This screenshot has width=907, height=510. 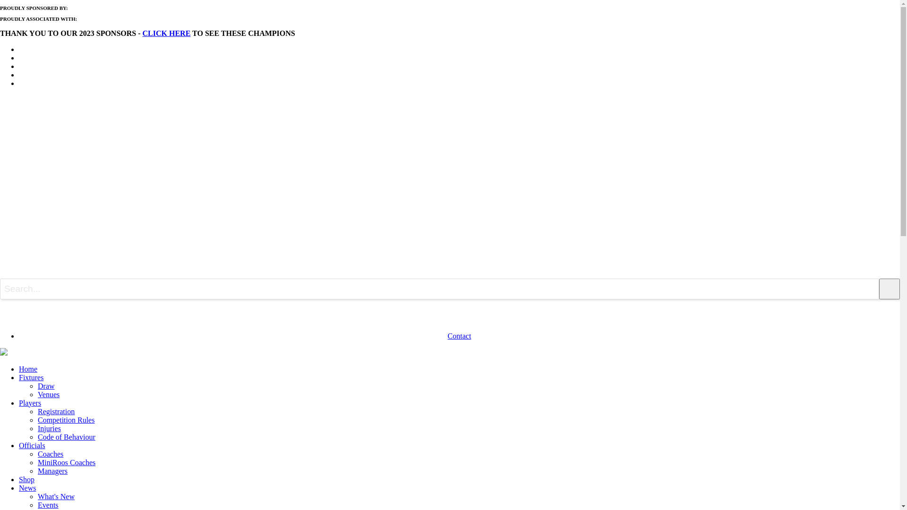 I want to click on 'Injuries', so click(x=49, y=428).